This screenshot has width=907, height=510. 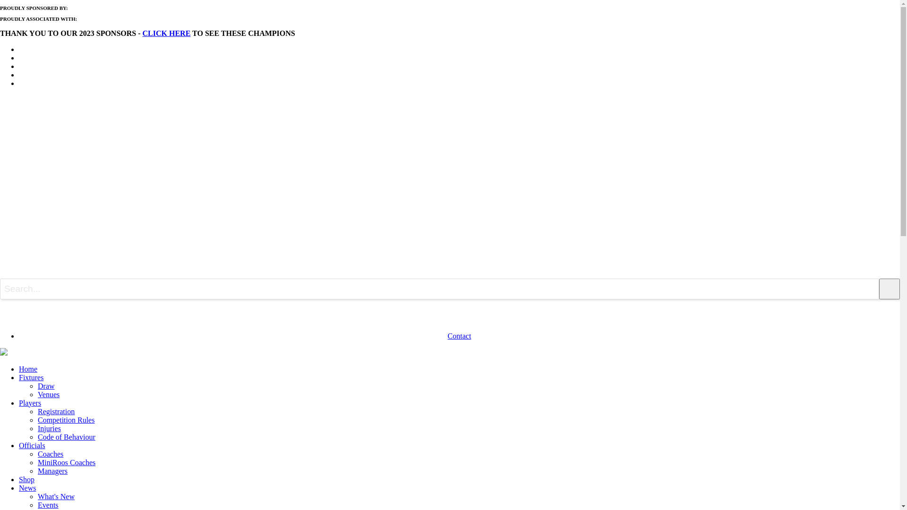 I want to click on 'Injuries', so click(x=49, y=428).